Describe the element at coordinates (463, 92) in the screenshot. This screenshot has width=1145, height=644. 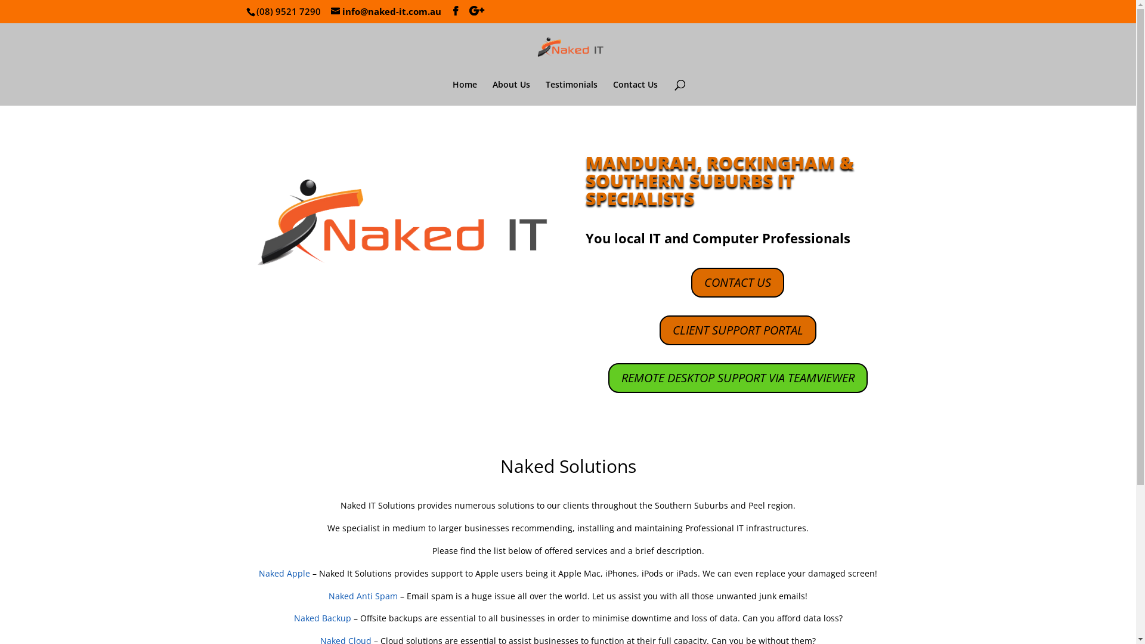
I see `'Home'` at that location.